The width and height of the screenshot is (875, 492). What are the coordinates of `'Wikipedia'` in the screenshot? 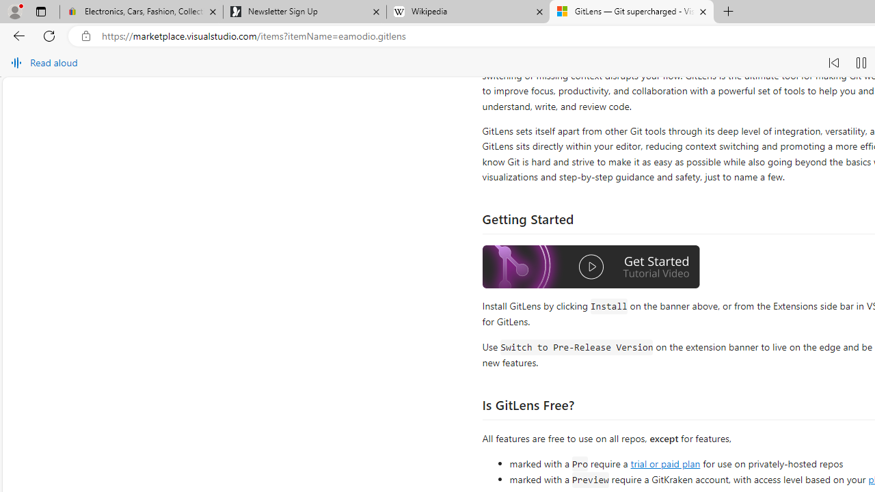 It's located at (468, 12).